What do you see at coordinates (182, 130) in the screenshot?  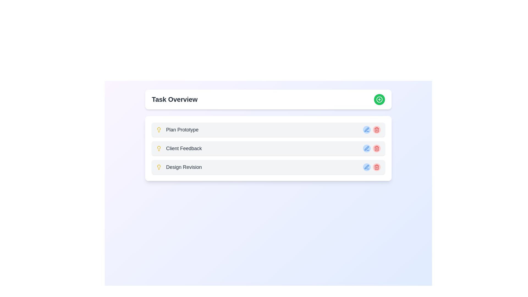 I see `the 'Plan Prototype' label text, which is the first entry under the 'Task Overview' section, displayed in medium-sized bold gray font with a light bulb icon to its left` at bounding box center [182, 130].